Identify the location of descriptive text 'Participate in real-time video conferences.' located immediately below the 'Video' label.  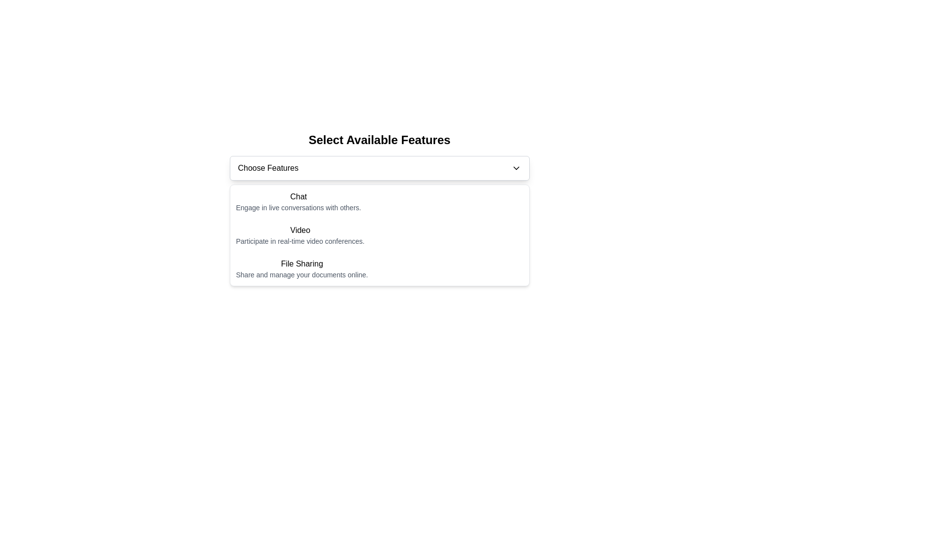
(299, 241).